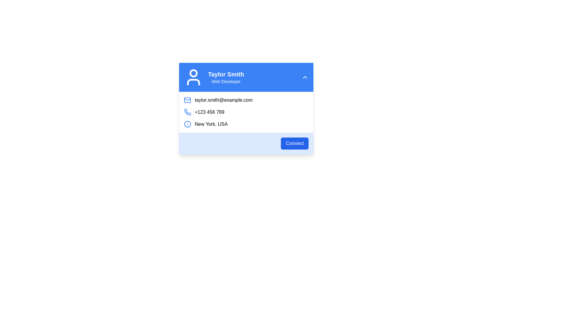 The image size is (578, 325). What do you see at coordinates (194, 73) in the screenshot?
I see `the user profile avatar circular icon located in the top-left corner of the user profile card within the blue header` at bounding box center [194, 73].